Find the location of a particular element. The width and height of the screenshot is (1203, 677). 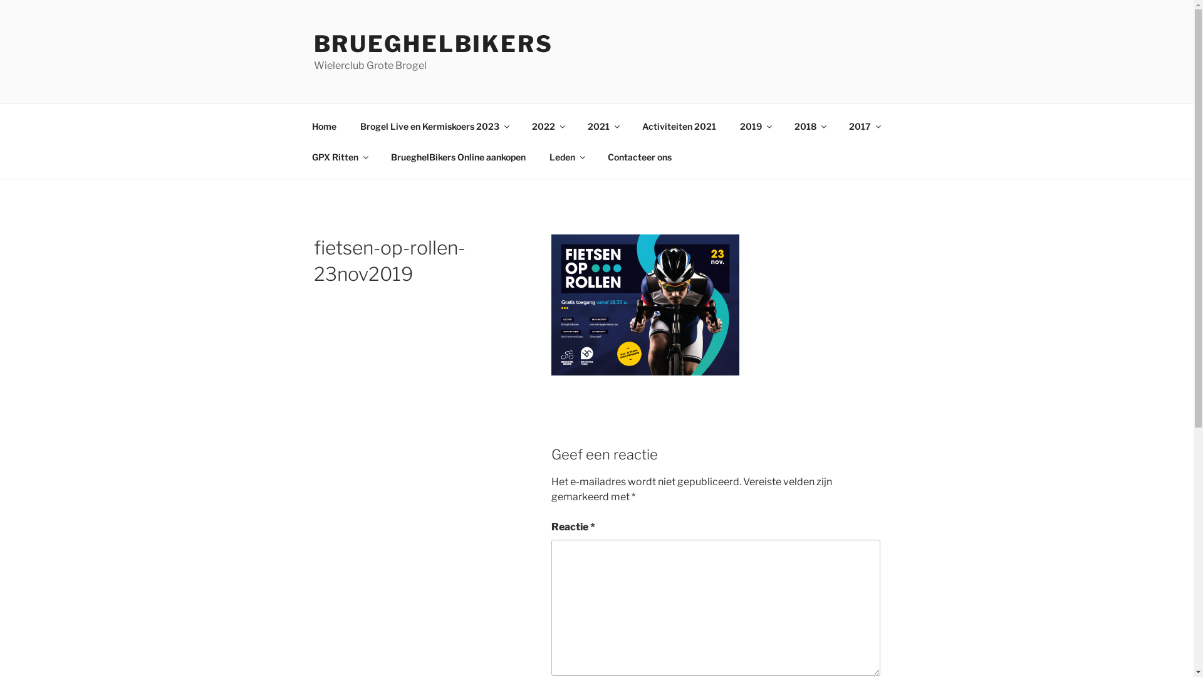

'Activiteiten 2021' is located at coordinates (632, 125).